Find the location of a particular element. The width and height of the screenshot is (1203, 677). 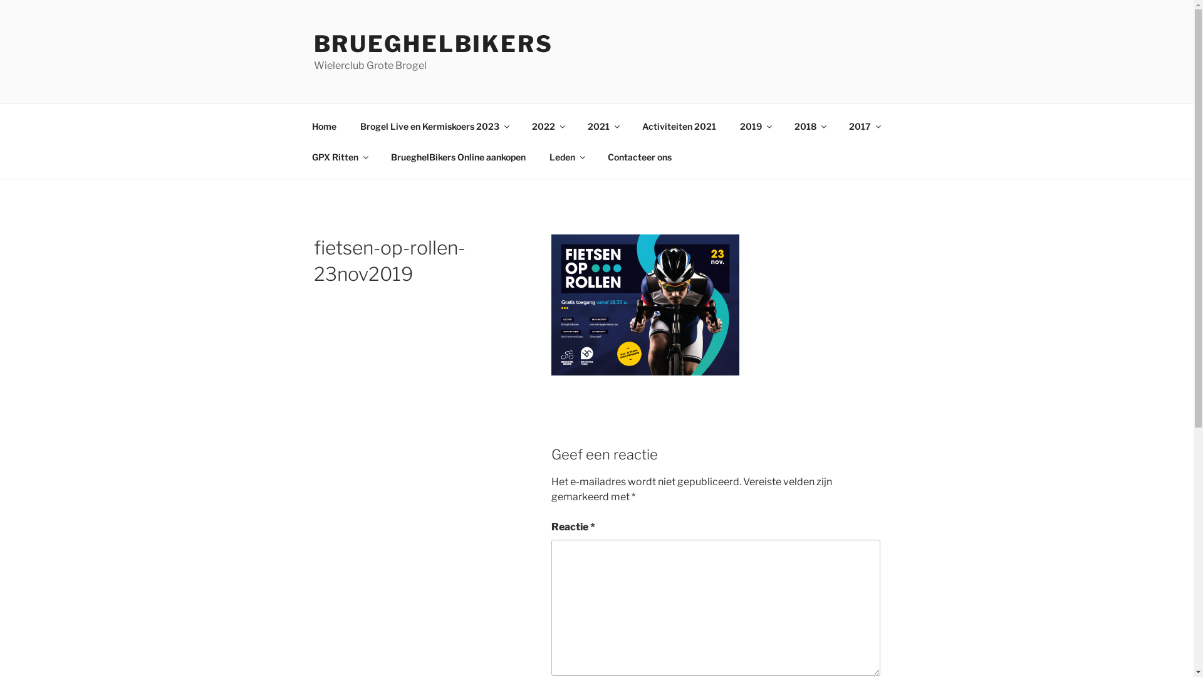

'Activiteiten 2021' is located at coordinates (632, 125).